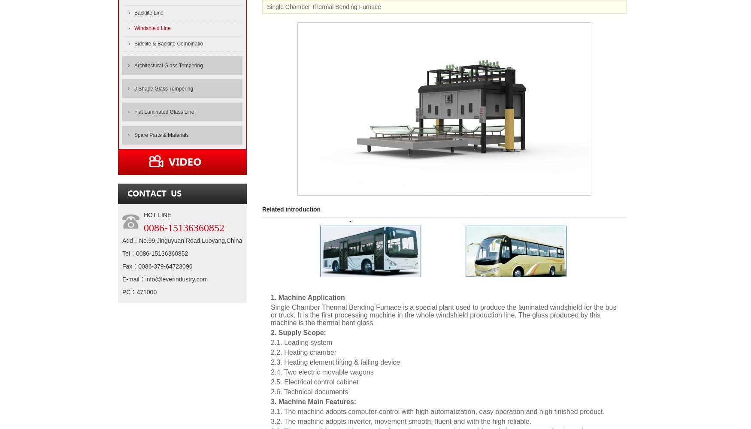 This screenshot has height=429, width=751. What do you see at coordinates (437, 411) in the screenshot?
I see `'3.1. The
machine adopts computer-control with high automatization, easy operation and
high finished product.'` at bounding box center [437, 411].